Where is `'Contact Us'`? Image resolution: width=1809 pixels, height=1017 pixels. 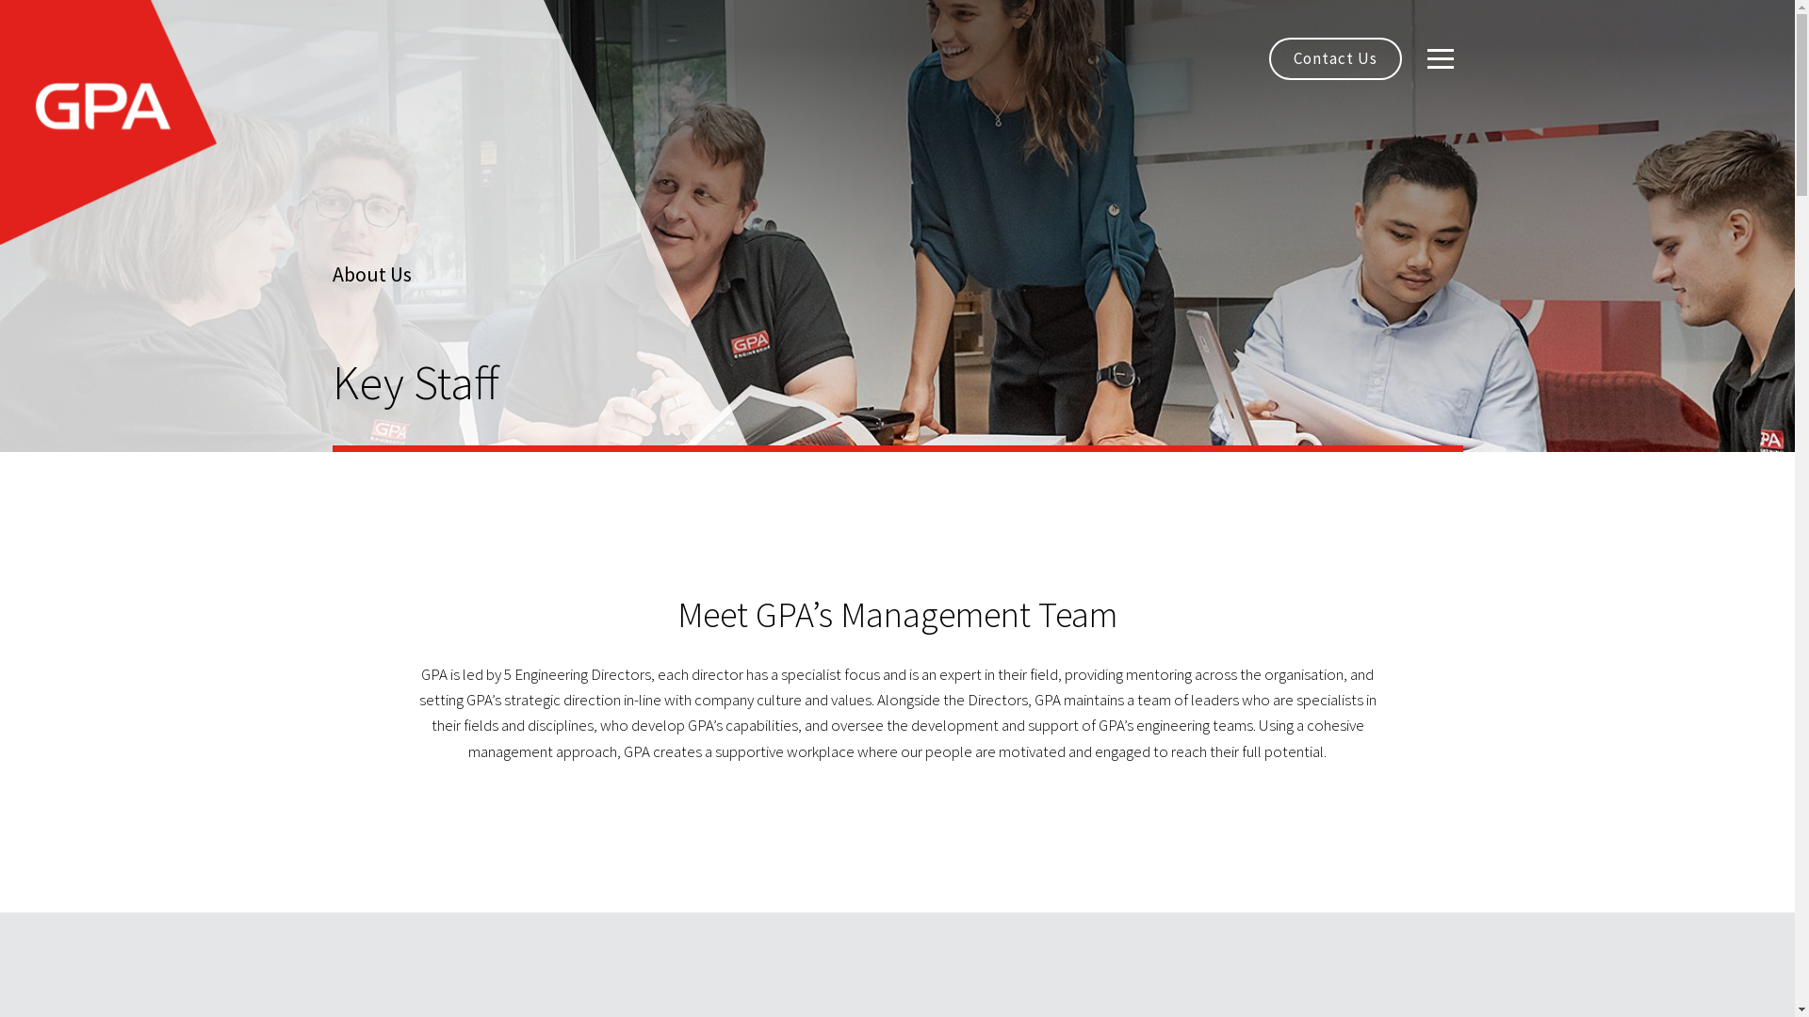 'Contact Us' is located at coordinates (1333, 57).